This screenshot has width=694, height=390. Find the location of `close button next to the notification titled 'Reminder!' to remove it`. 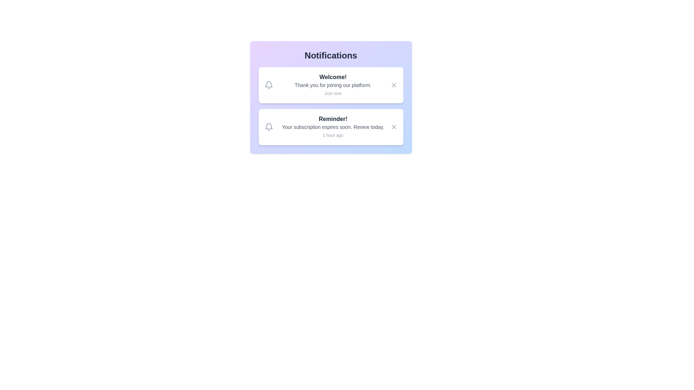

close button next to the notification titled 'Reminder!' to remove it is located at coordinates (393, 126).